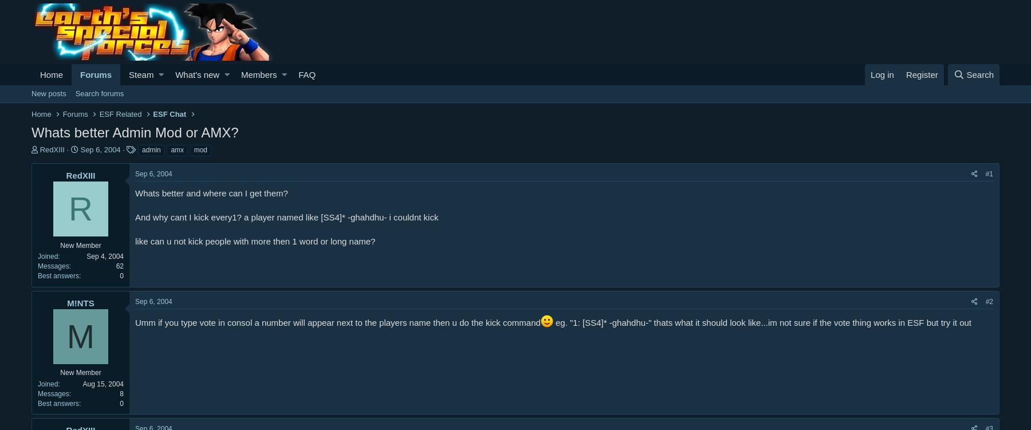 The image size is (1031, 430). Describe the element at coordinates (67, 302) in the screenshot. I see `'M!NTS'` at that location.